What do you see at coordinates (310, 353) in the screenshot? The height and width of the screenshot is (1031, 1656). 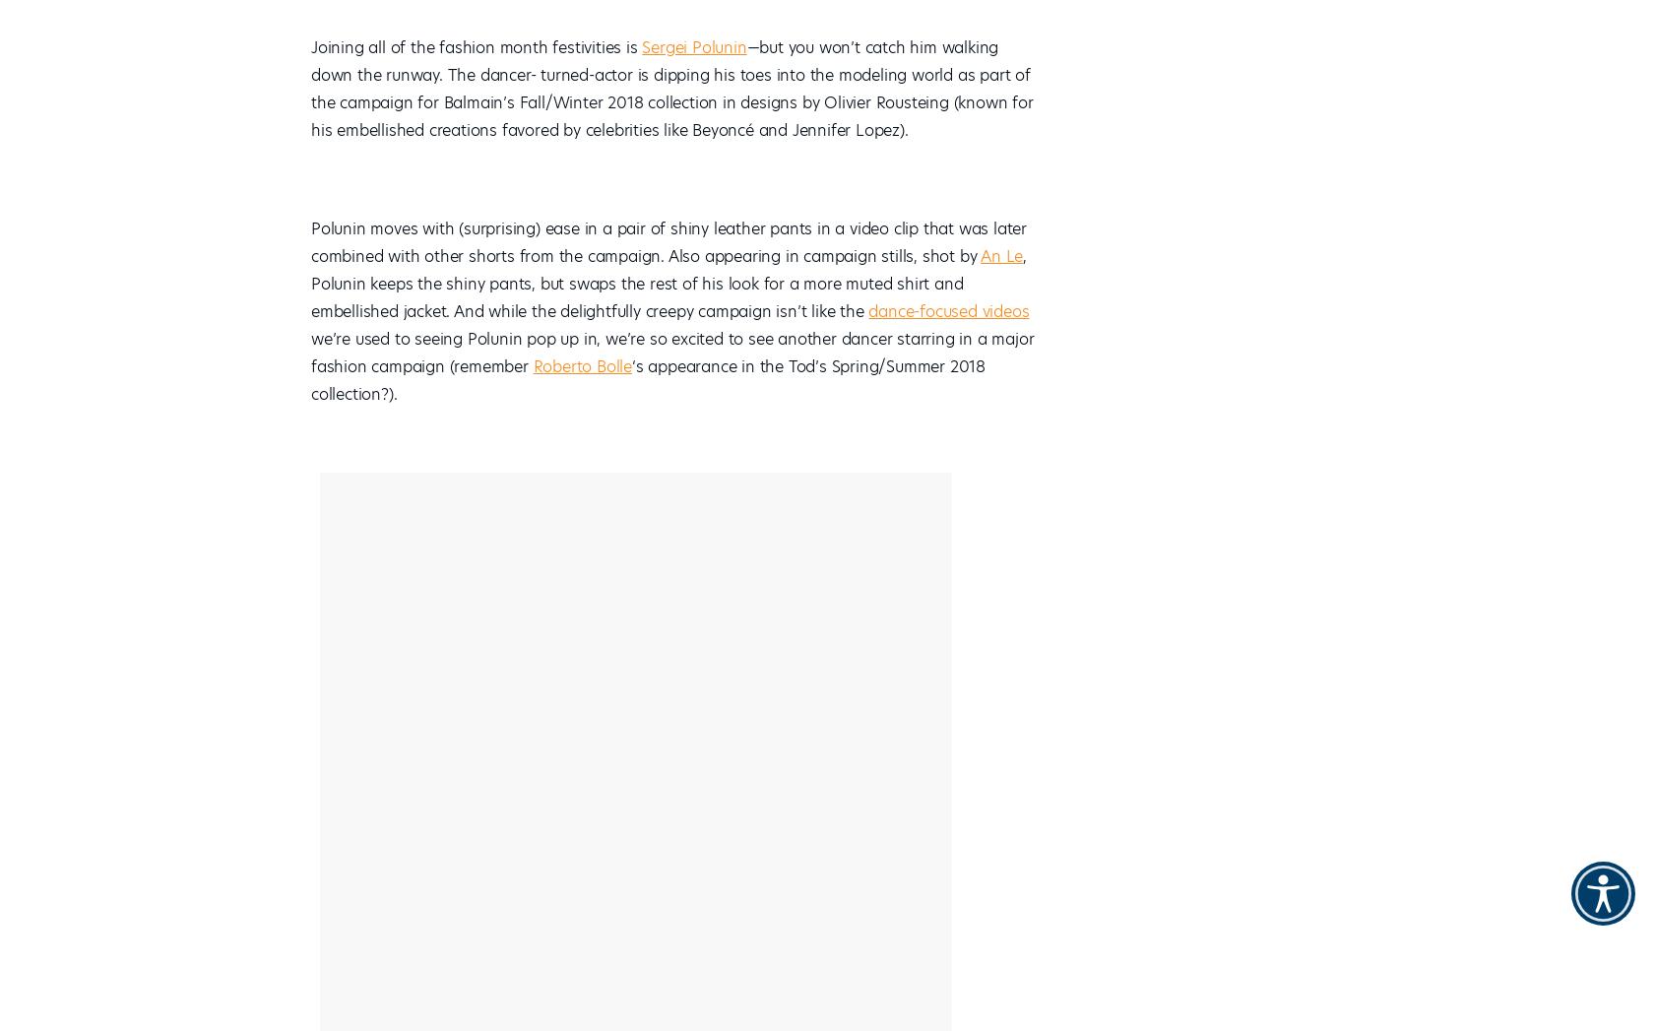 I see `'we’re used to seeing Polunin pop up in, we’re so excited to see another dancer starring in a major fashion campaign (remember'` at bounding box center [310, 353].